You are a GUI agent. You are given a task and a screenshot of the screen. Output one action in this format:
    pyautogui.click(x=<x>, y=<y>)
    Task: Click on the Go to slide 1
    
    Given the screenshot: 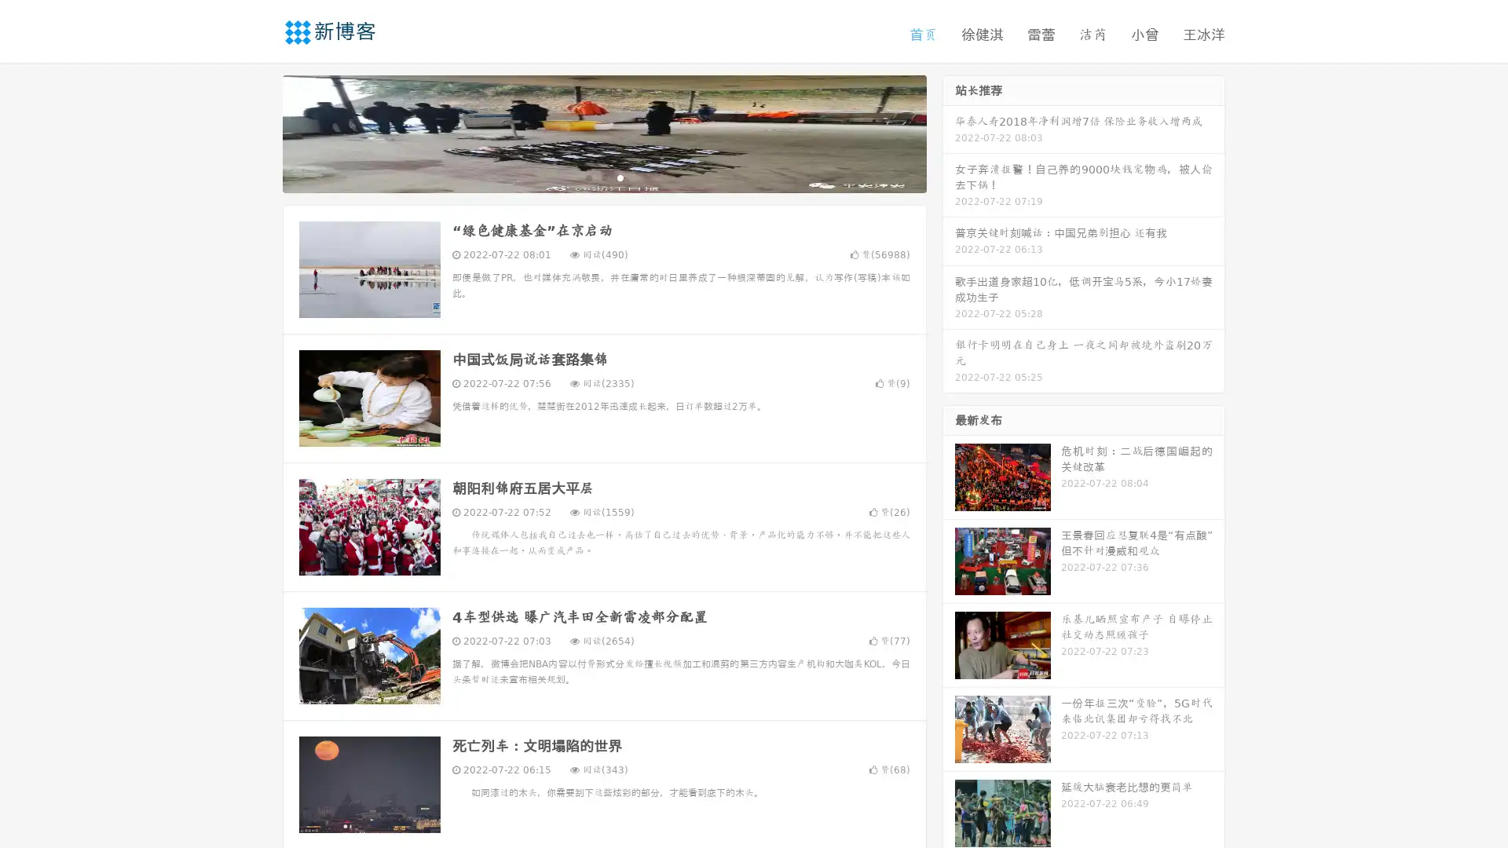 What is the action you would take?
    pyautogui.click(x=587, y=177)
    